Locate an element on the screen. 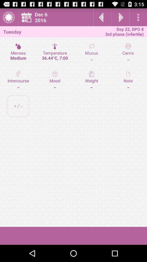 The image size is (147, 262). temperature 36 44 item is located at coordinates (55, 53).